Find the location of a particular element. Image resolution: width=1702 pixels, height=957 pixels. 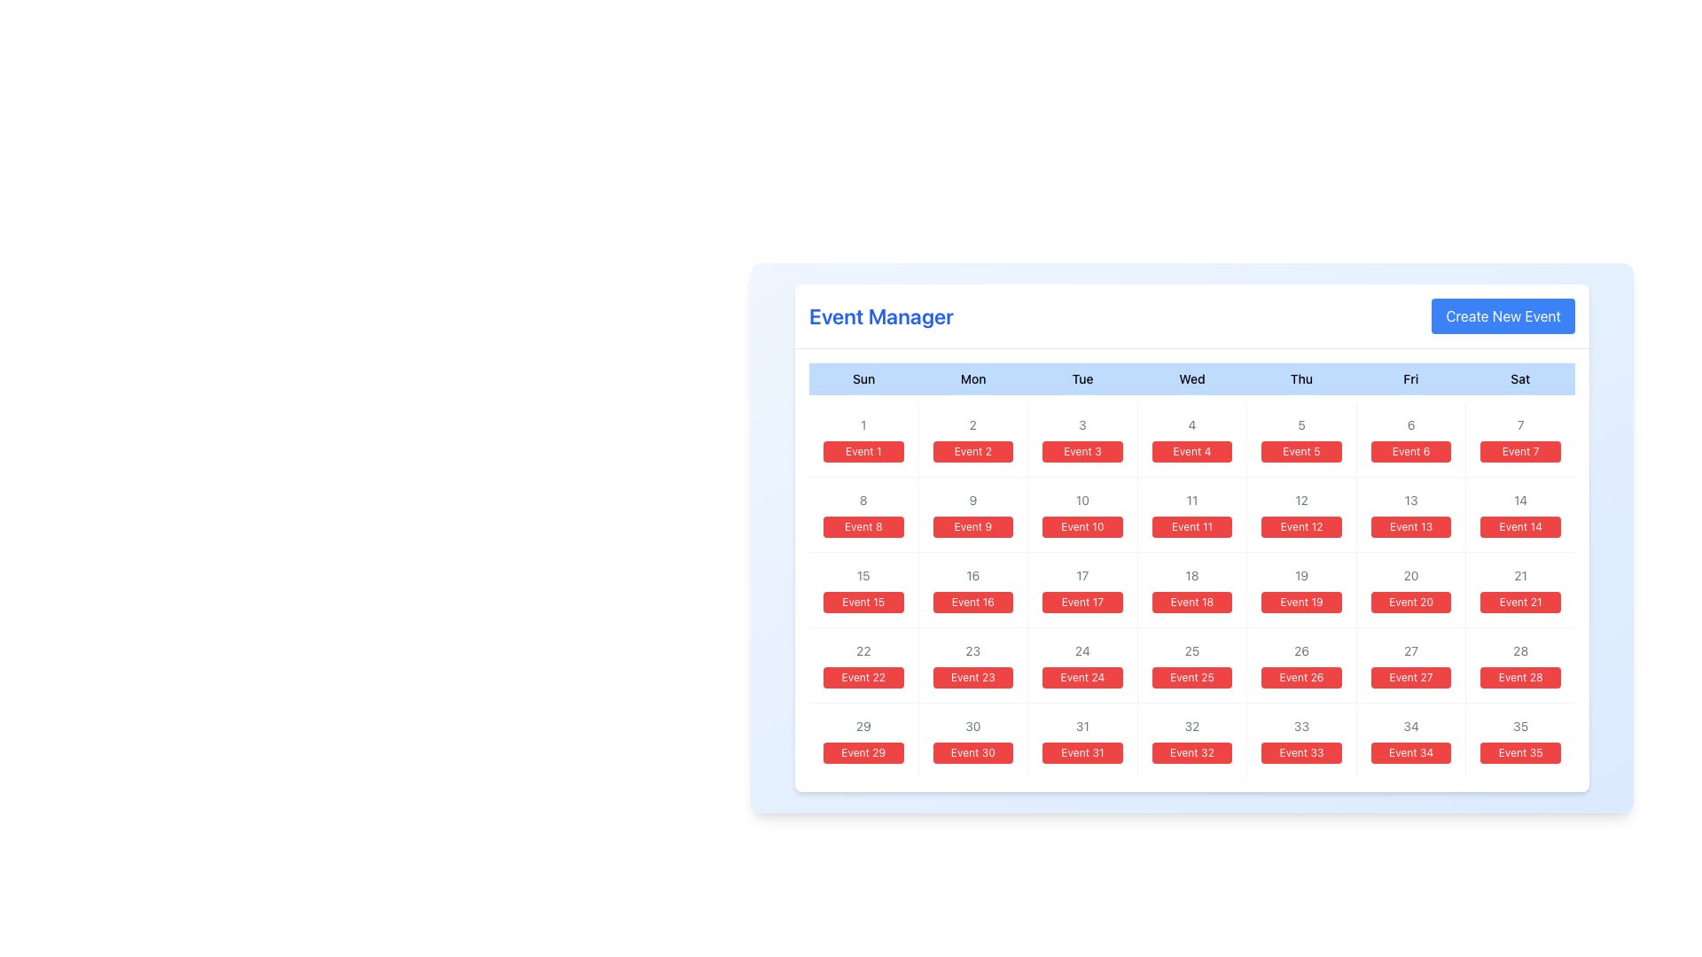

the text label indicating the date '15' above the button labeled 'Event 15' is located at coordinates (863, 576).